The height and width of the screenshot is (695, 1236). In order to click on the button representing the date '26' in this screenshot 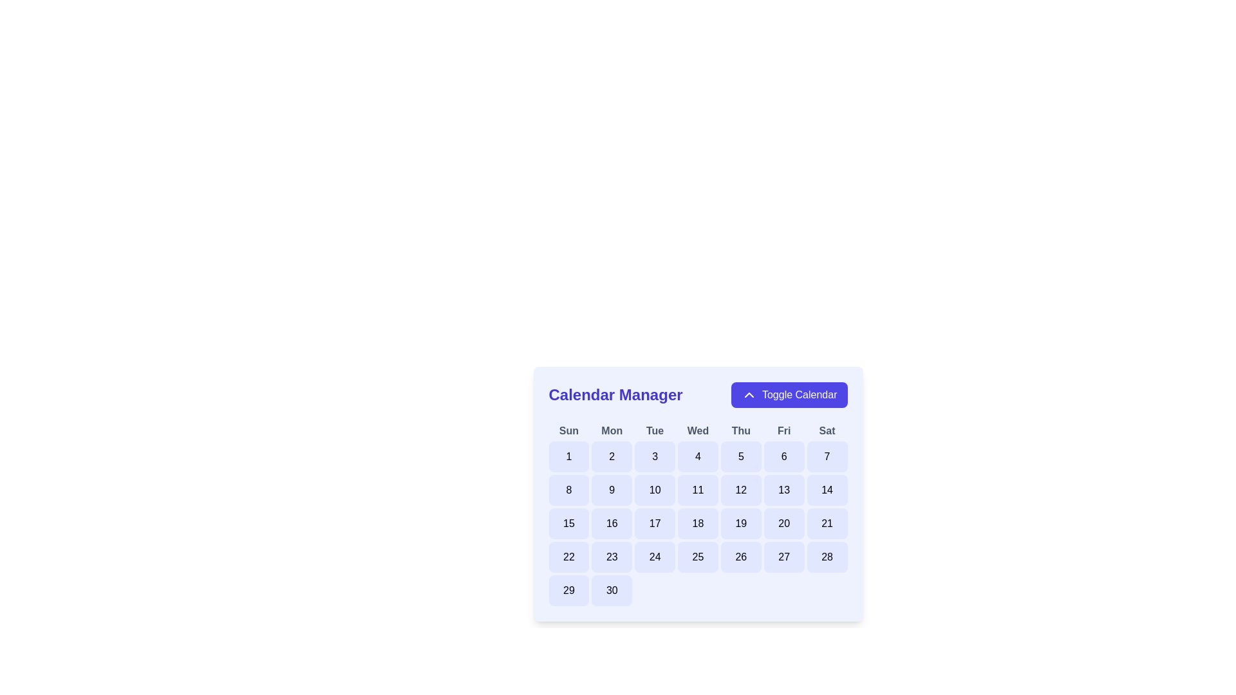, I will do `click(741, 557)`.